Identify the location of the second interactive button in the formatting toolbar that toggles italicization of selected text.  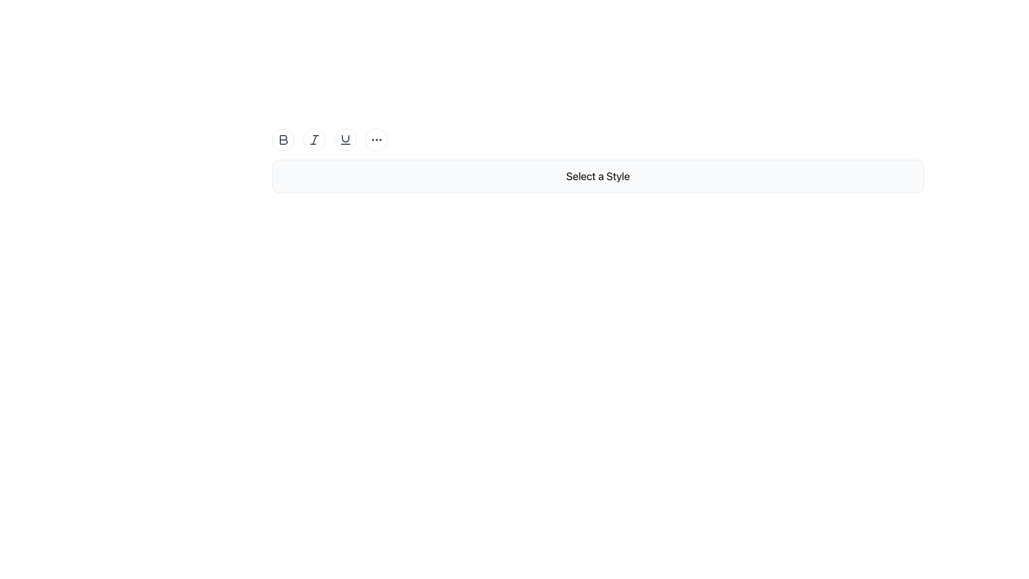
(314, 139).